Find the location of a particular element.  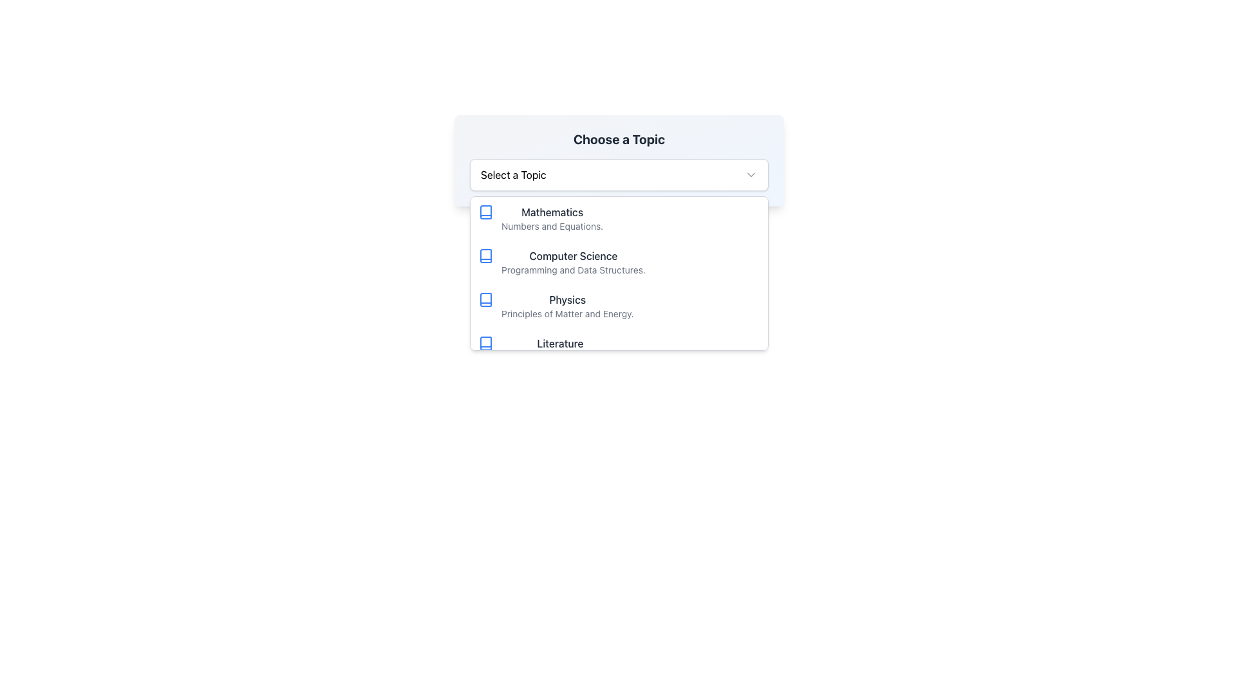

the 'Literature' icon, which is the first element in the last row of the dropdown list, located left of the 'Literature' text is located at coordinates (485, 342).